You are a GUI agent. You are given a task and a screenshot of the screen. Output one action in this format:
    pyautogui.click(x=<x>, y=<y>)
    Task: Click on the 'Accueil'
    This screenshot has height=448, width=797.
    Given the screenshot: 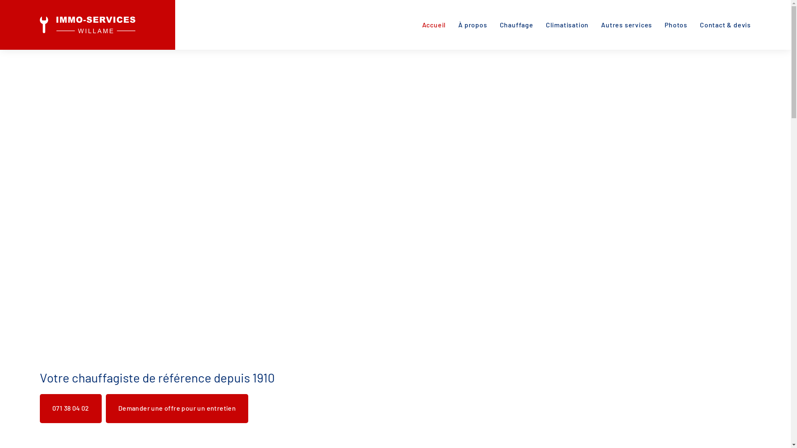 What is the action you would take?
    pyautogui.click(x=434, y=24)
    